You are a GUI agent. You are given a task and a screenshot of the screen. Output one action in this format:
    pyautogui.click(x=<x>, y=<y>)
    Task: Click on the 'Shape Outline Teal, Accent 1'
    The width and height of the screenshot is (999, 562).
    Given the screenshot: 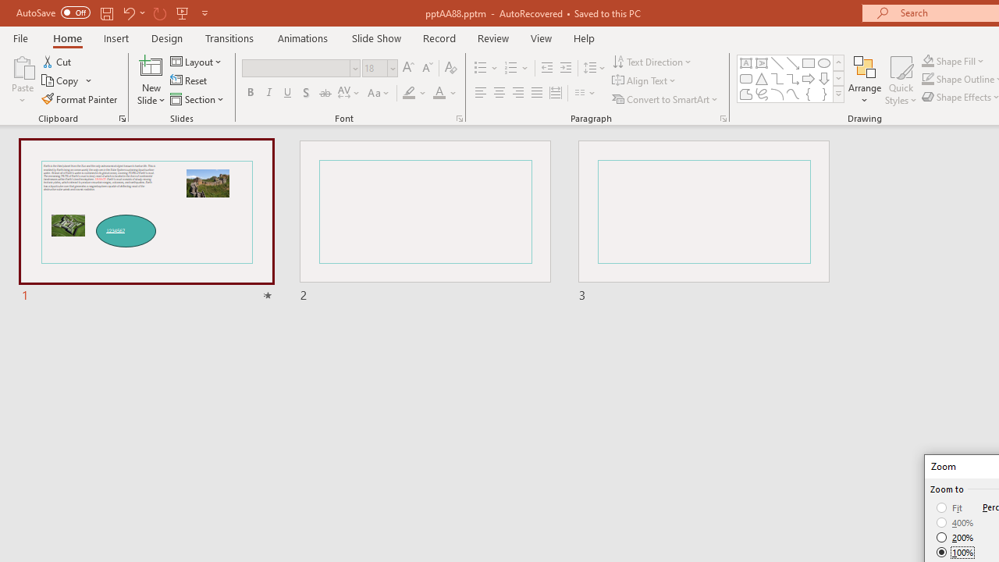 What is the action you would take?
    pyautogui.click(x=928, y=79)
    